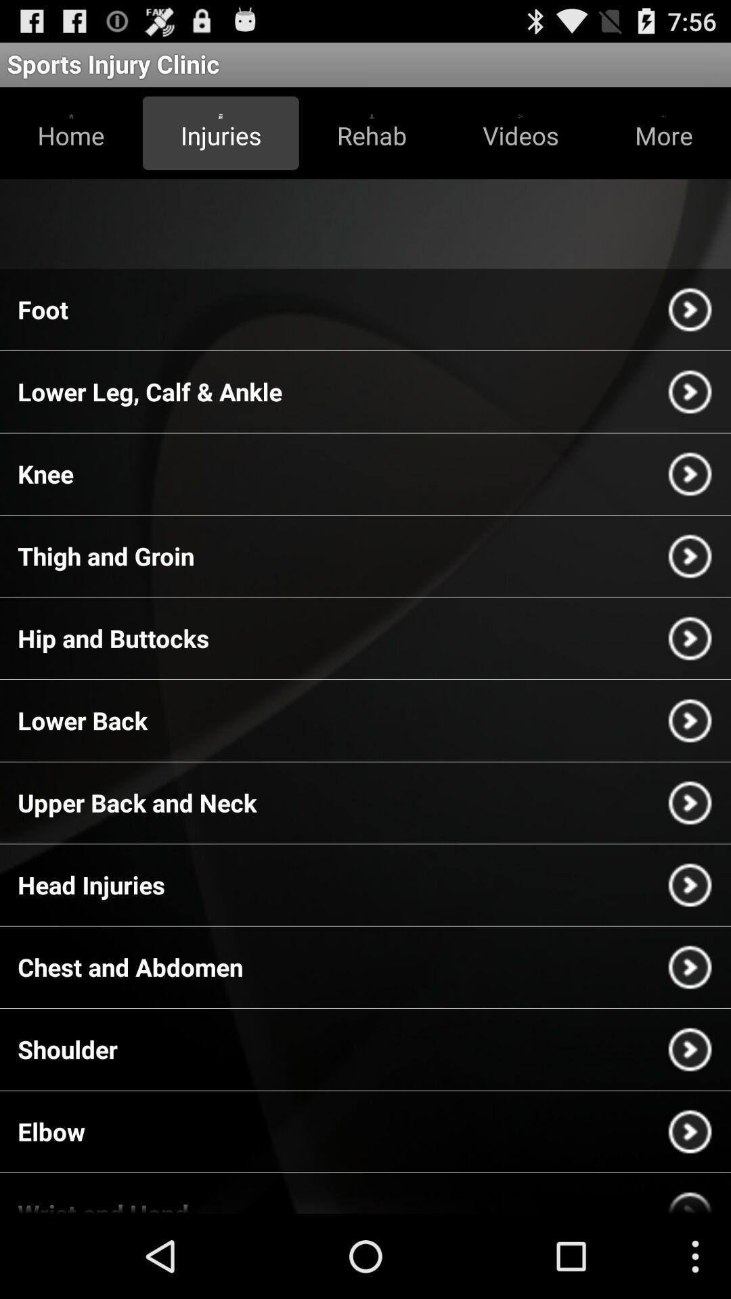 The height and width of the screenshot is (1299, 731). What do you see at coordinates (690, 802) in the screenshot?
I see `button next to upper back and neck` at bounding box center [690, 802].